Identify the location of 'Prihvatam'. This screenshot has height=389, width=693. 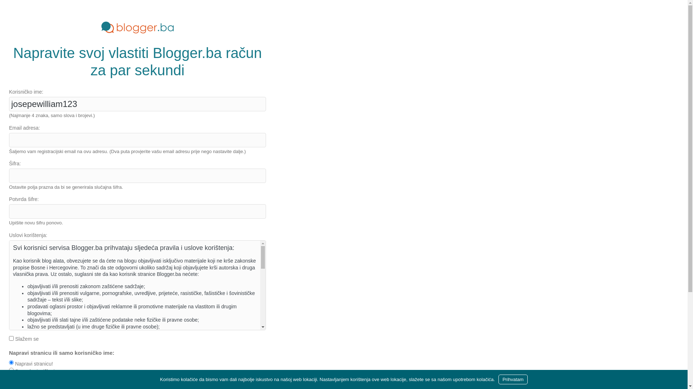
(513, 379).